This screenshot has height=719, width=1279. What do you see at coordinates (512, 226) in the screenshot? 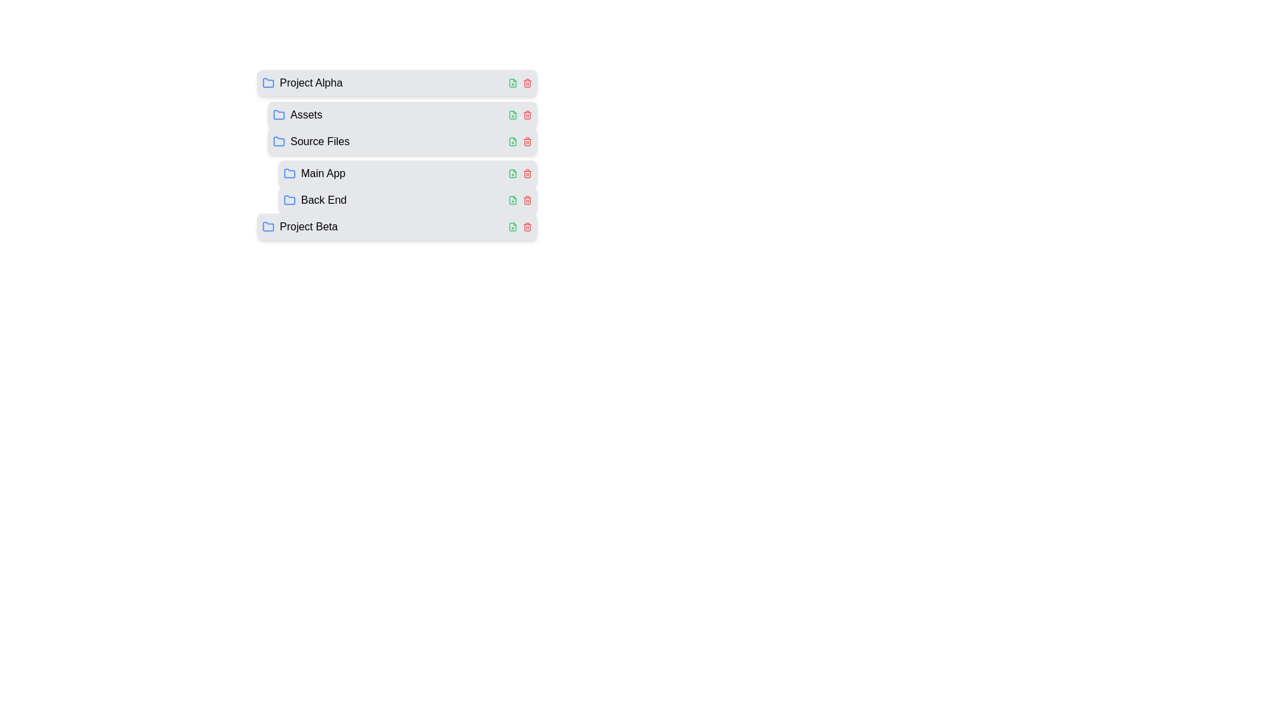
I see `the icon-based button that depicts a document with a plus sign, styled in green` at bounding box center [512, 226].